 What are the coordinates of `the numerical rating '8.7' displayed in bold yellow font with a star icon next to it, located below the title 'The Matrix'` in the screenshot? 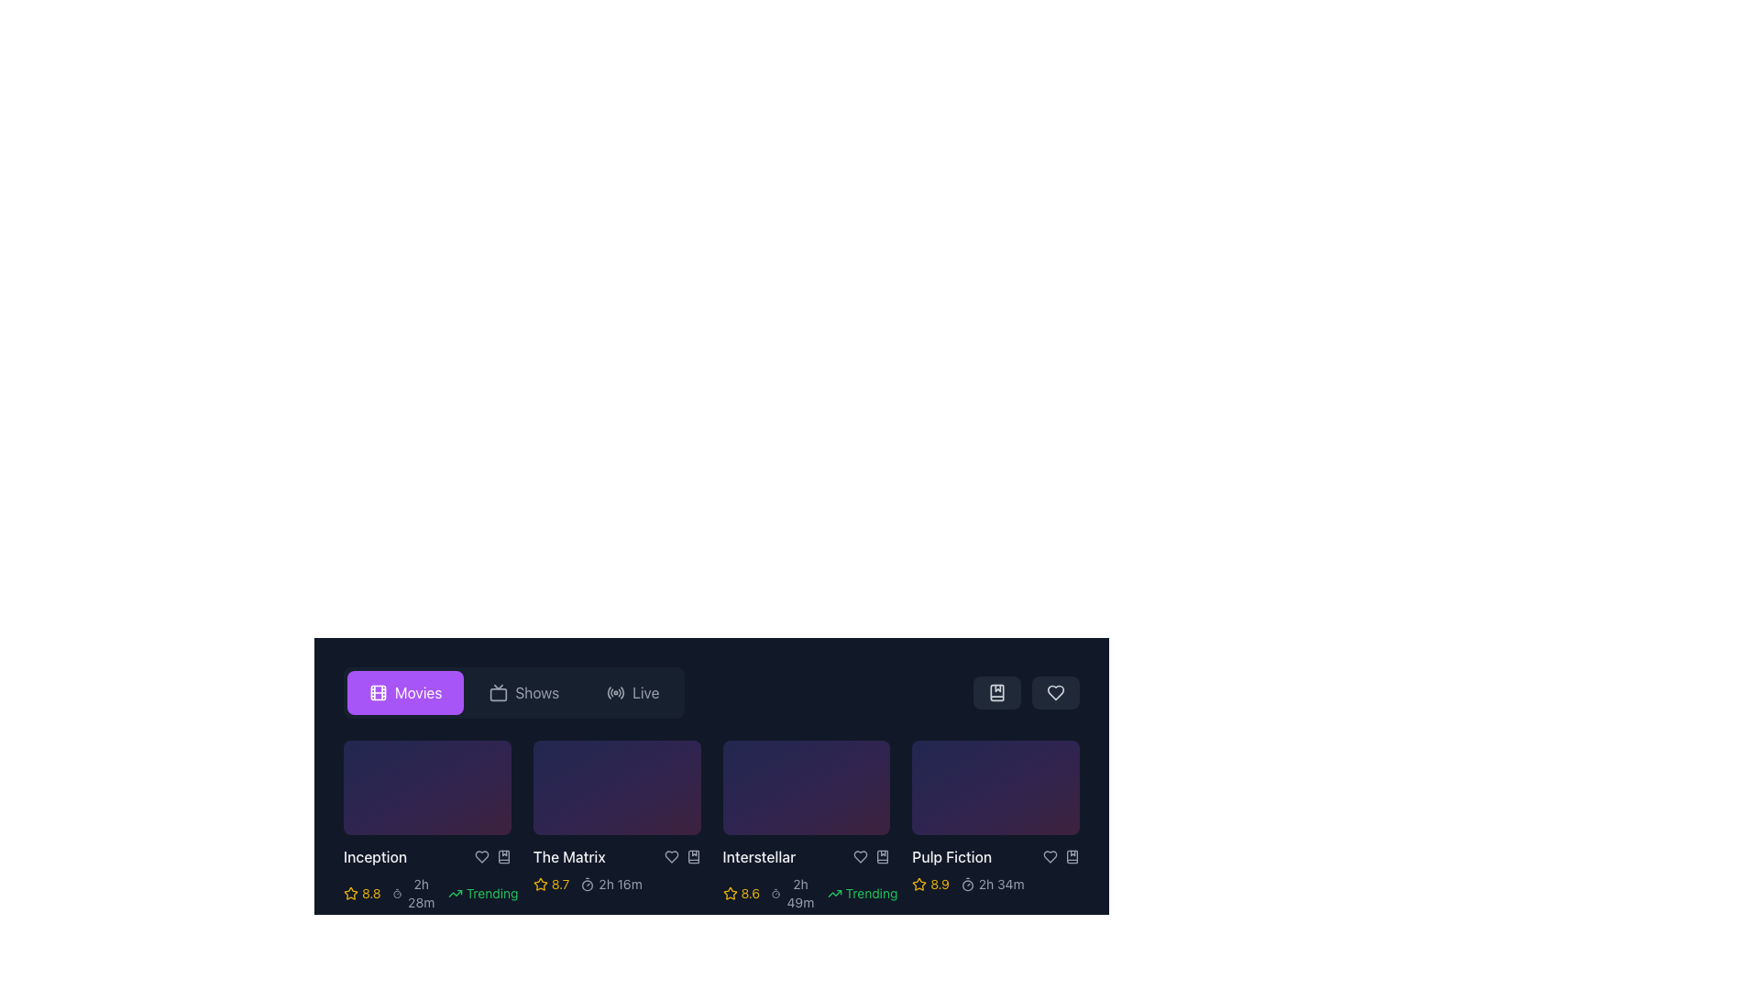 It's located at (550, 883).